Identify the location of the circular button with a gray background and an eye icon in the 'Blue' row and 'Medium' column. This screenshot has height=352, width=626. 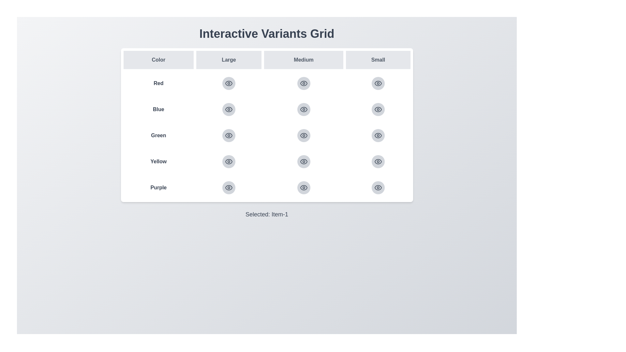
(303, 109).